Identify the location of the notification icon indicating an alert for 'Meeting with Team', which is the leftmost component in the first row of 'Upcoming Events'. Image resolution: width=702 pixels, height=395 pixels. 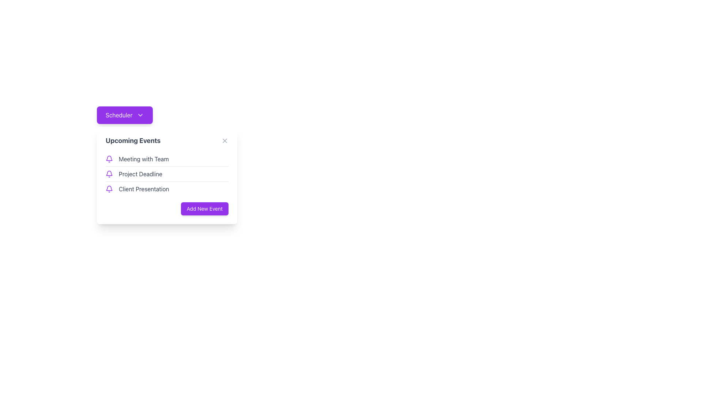
(109, 159).